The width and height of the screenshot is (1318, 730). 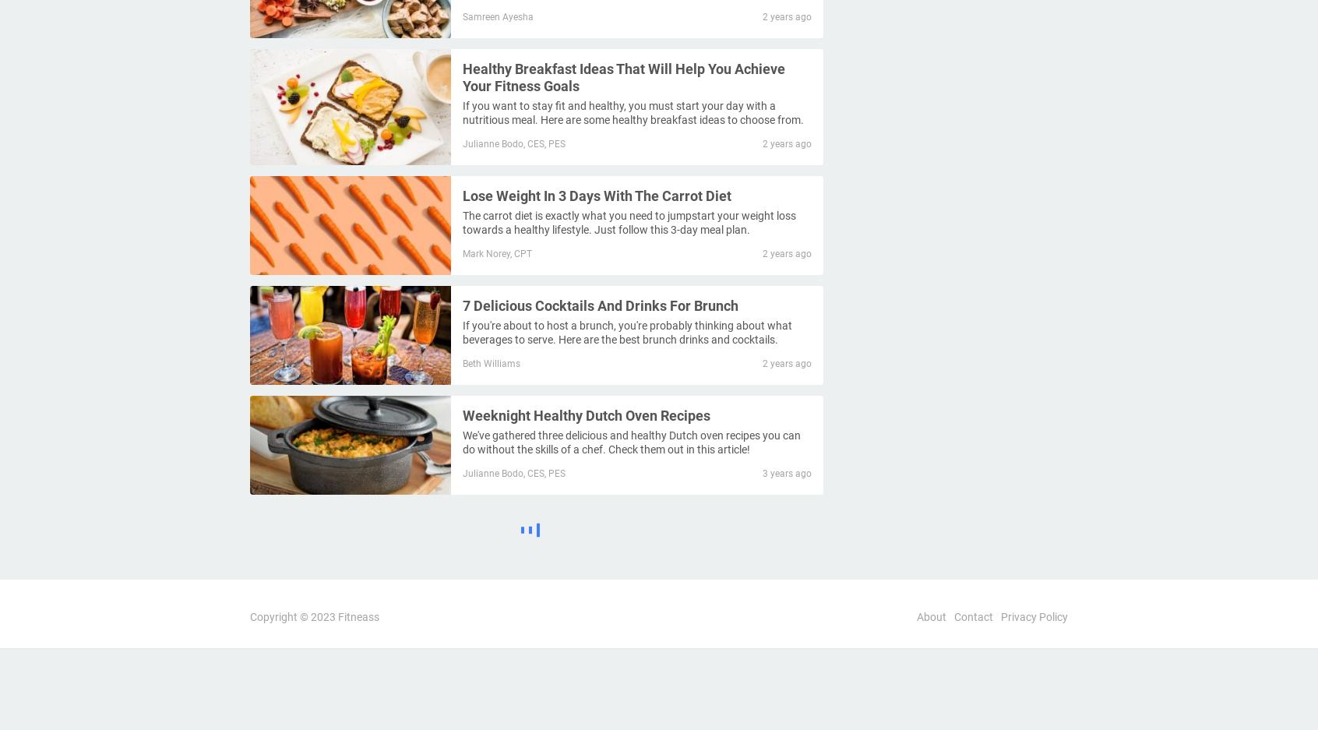 I want to click on '7 Delicious Cocktails And Drinks For Brunch', so click(x=599, y=304).